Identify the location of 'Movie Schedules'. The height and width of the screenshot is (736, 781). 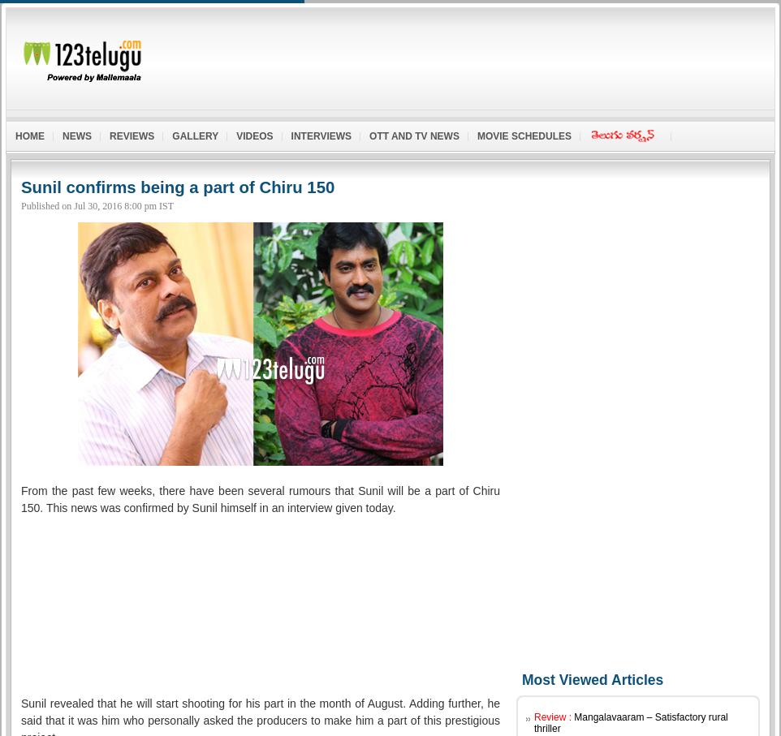
(524, 135).